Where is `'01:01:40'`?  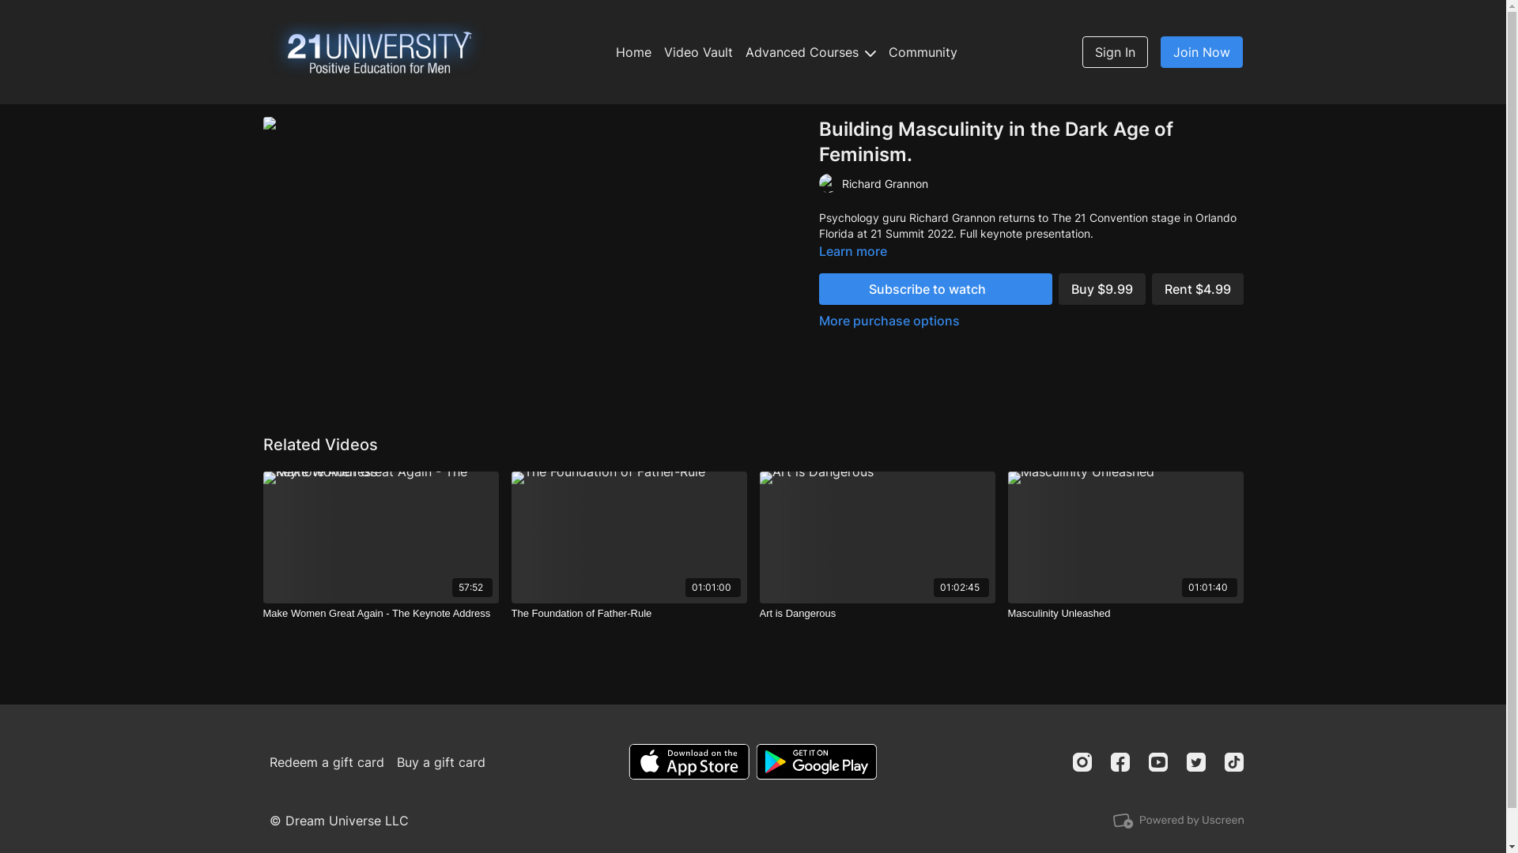 '01:01:40' is located at coordinates (1006, 536).